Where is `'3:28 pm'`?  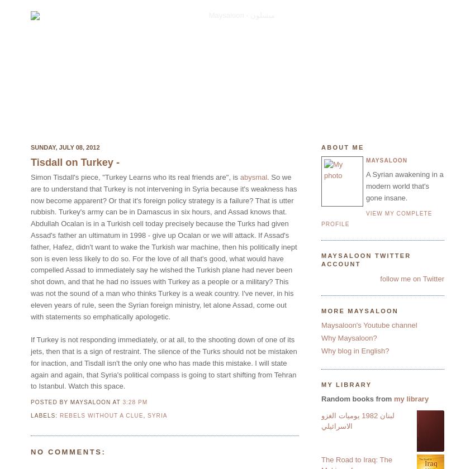 '3:28 pm' is located at coordinates (135, 401).